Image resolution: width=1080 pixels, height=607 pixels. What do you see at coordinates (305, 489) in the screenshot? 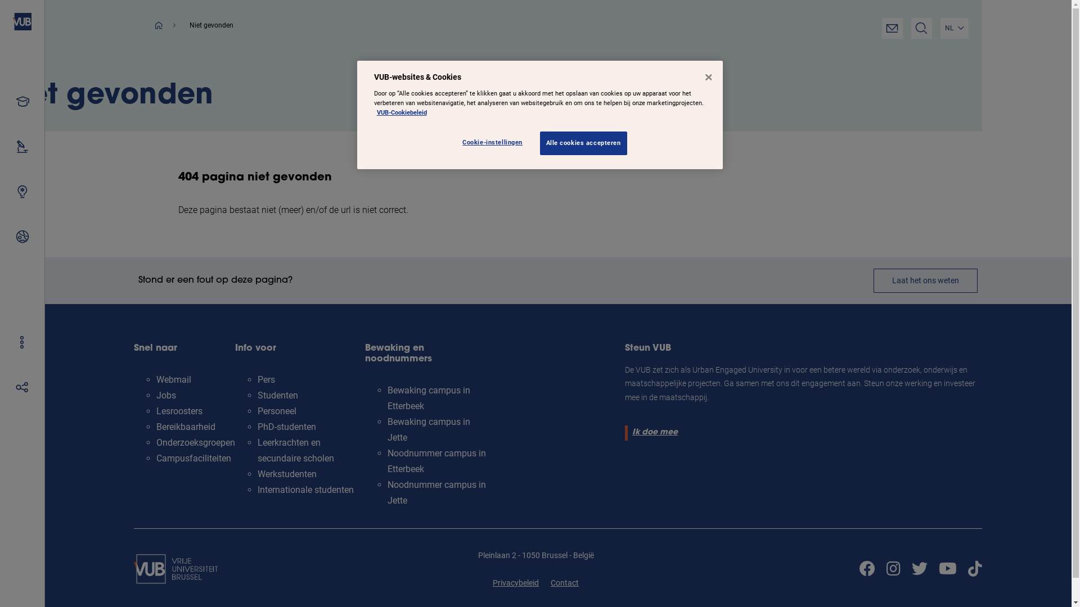
I see `'Internationale studenten'` at bounding box center [305, 489].